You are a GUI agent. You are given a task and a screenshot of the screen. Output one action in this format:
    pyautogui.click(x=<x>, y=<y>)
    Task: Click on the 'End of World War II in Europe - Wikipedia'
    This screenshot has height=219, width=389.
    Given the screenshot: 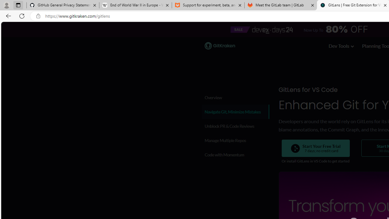 What is the action you would take?
    pyautogui.click(x=135, y=5)
    